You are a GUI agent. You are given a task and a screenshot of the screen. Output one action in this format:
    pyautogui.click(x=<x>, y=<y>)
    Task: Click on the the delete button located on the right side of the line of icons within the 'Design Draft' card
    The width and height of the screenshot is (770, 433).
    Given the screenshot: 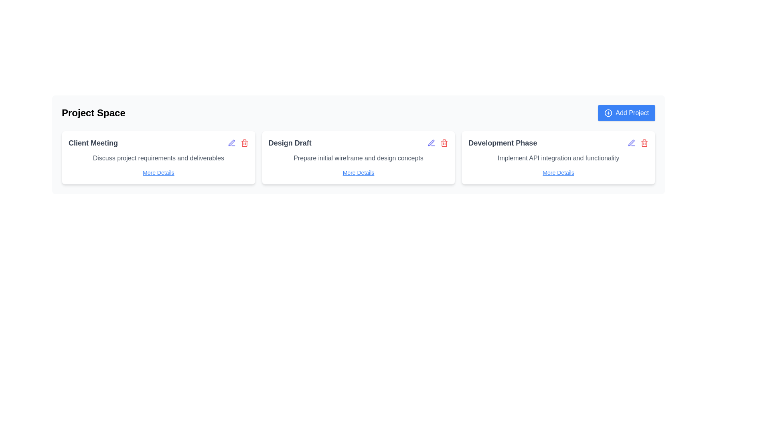 What is the action you would take?
    pyautogui.click(x=444, y=143)
    